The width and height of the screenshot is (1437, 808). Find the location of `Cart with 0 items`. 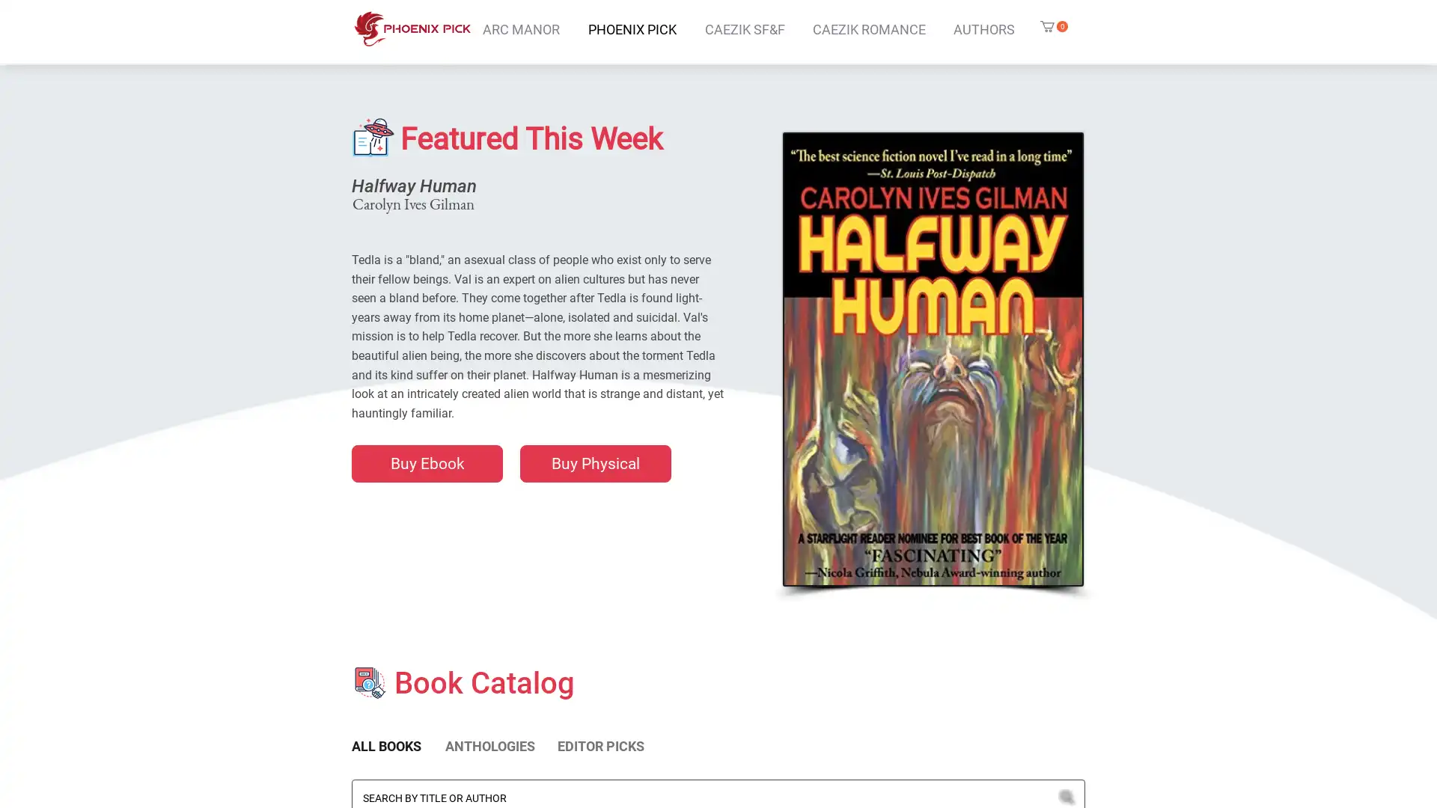

Cart with 0 items is located at coordinates (1053, 26).